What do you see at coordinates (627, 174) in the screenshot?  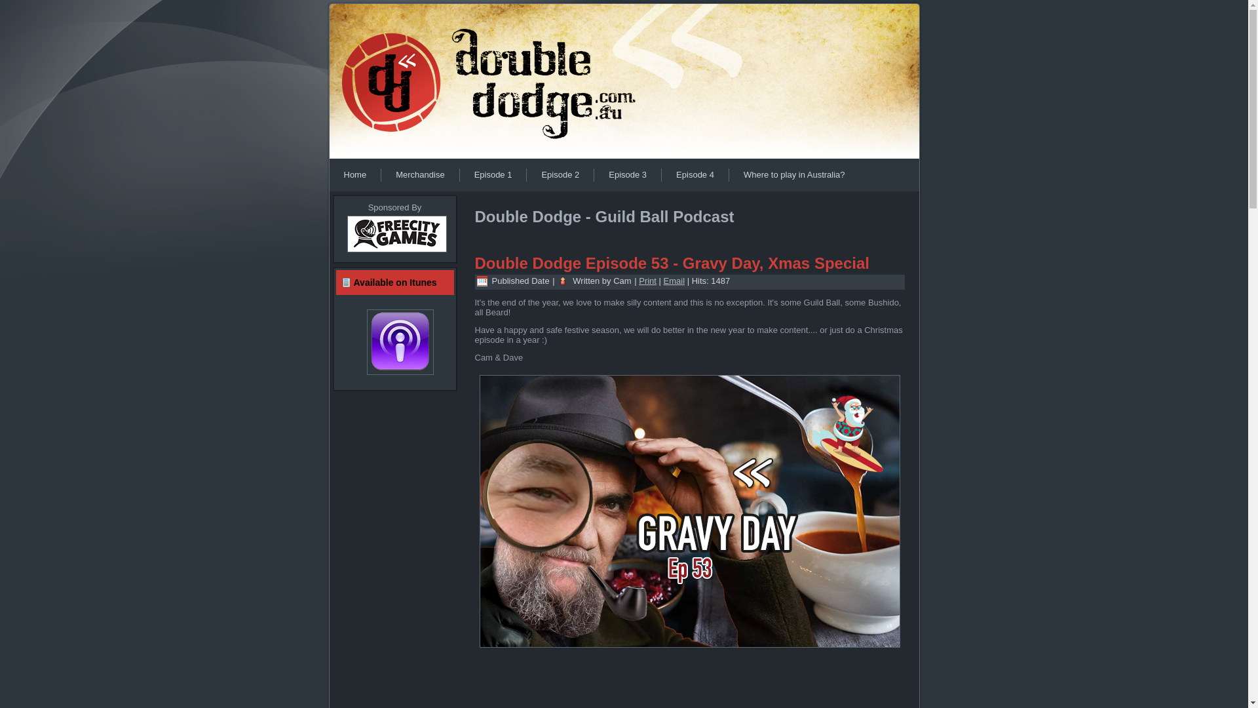 I see `'Episode 3'` at bounding box center [627, 174].